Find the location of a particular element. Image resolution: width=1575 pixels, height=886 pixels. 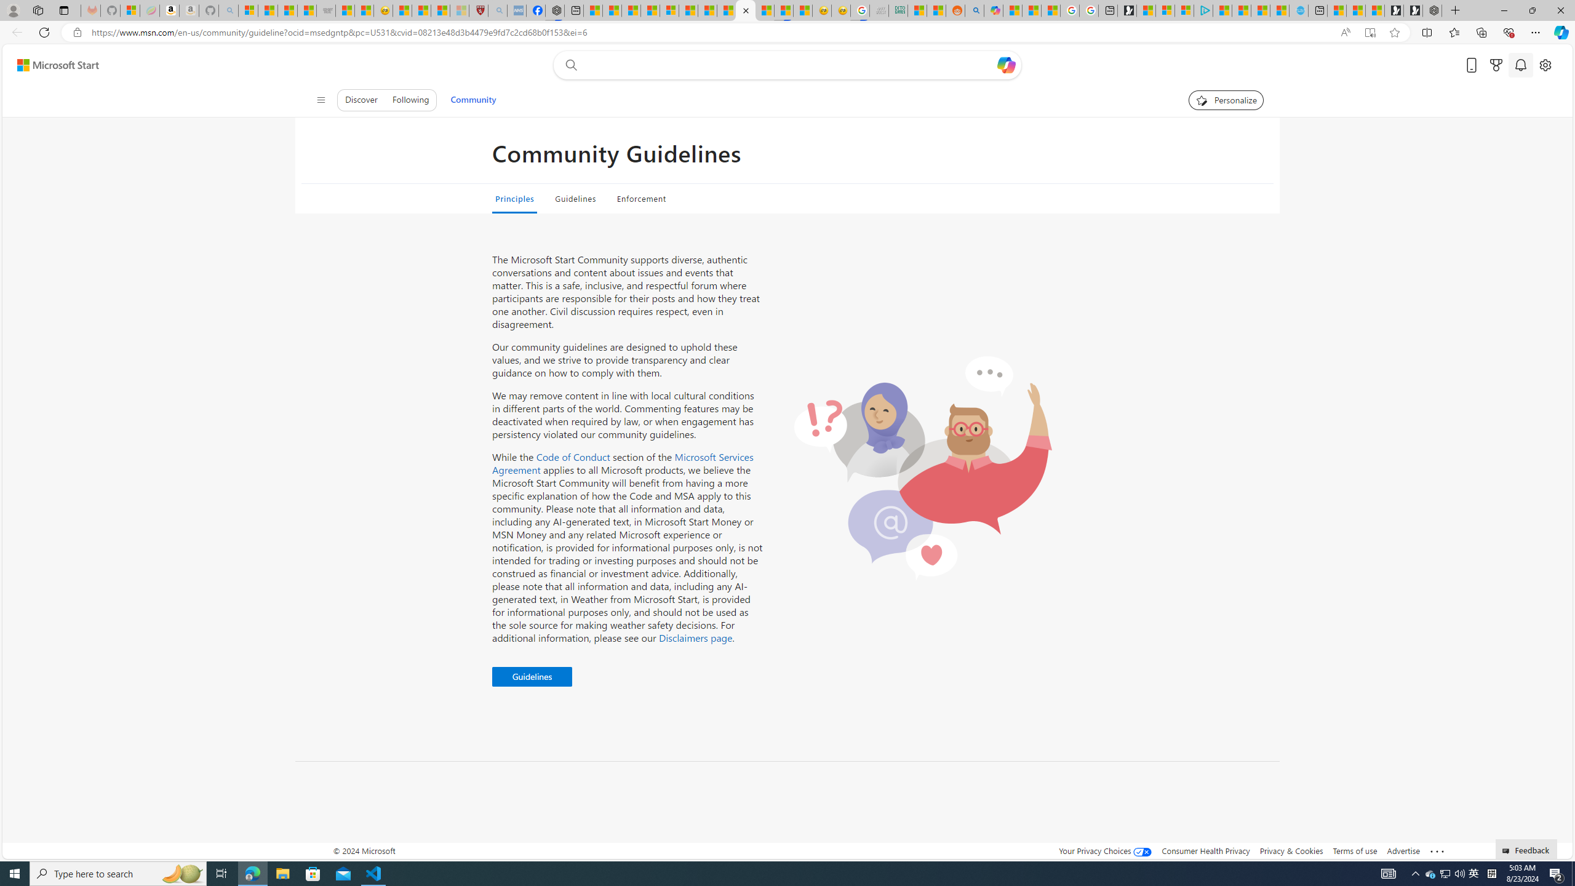

'Class: control icon-only' is located at coordinates (321, 99).